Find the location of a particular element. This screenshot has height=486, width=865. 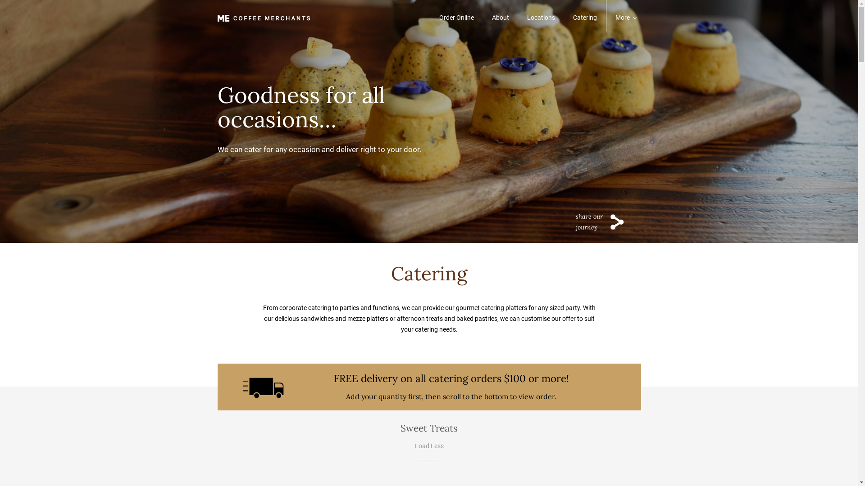

'More' is located at coordinates (623, 17).